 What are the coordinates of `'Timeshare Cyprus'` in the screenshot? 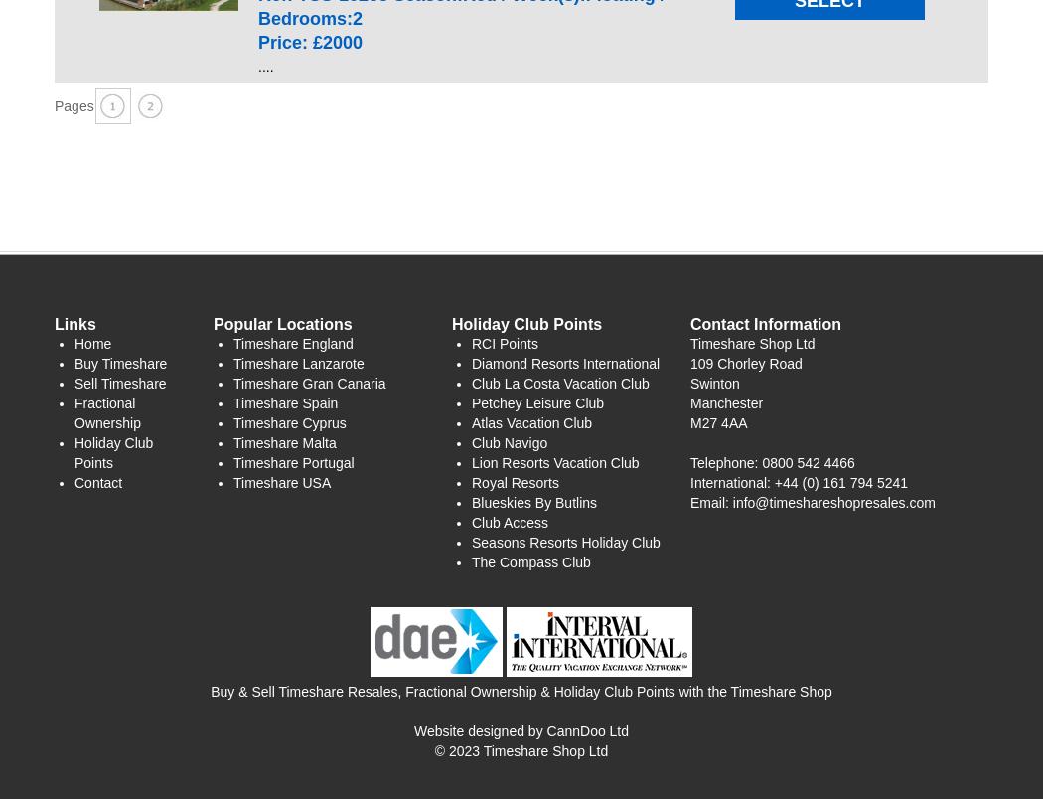 It's located at (232, 421).